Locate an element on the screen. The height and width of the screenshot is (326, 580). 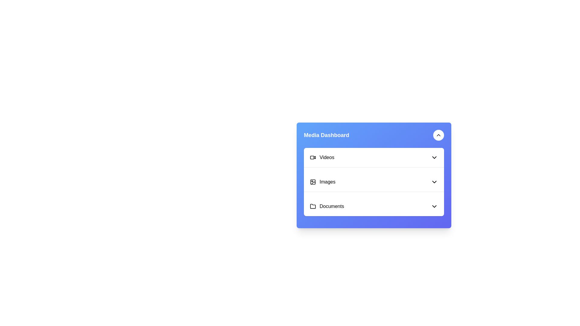
the folder icon, which is located to the left of the 'Documents' text in the third row of the vertical list inside the 'Media Dashboard' card component is located at coordinates (313, 206).